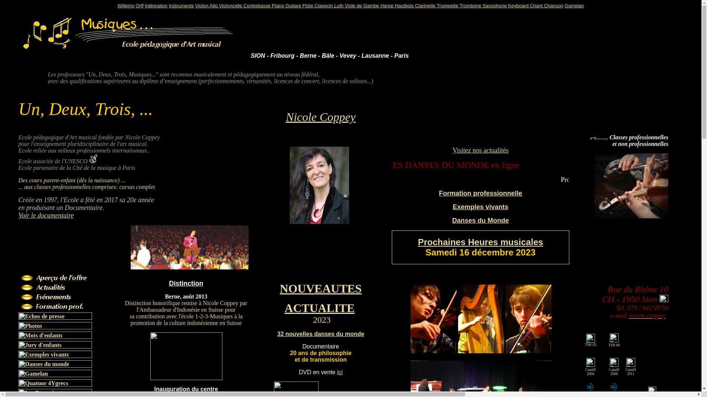  I want to click on 'Formation professionnelle', so click(481, 193).